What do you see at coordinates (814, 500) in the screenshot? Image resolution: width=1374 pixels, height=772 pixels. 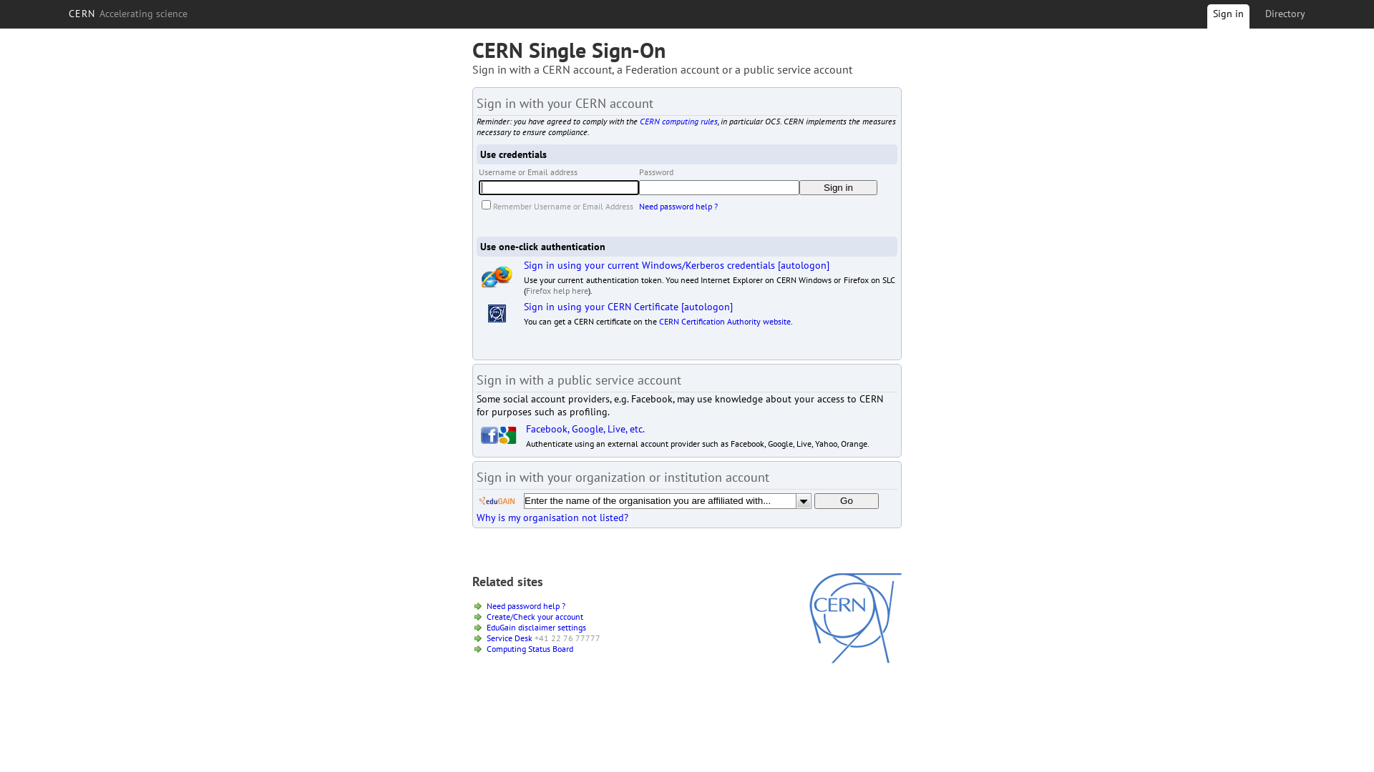 I see `'Go'` at bounding box center [814, 500].